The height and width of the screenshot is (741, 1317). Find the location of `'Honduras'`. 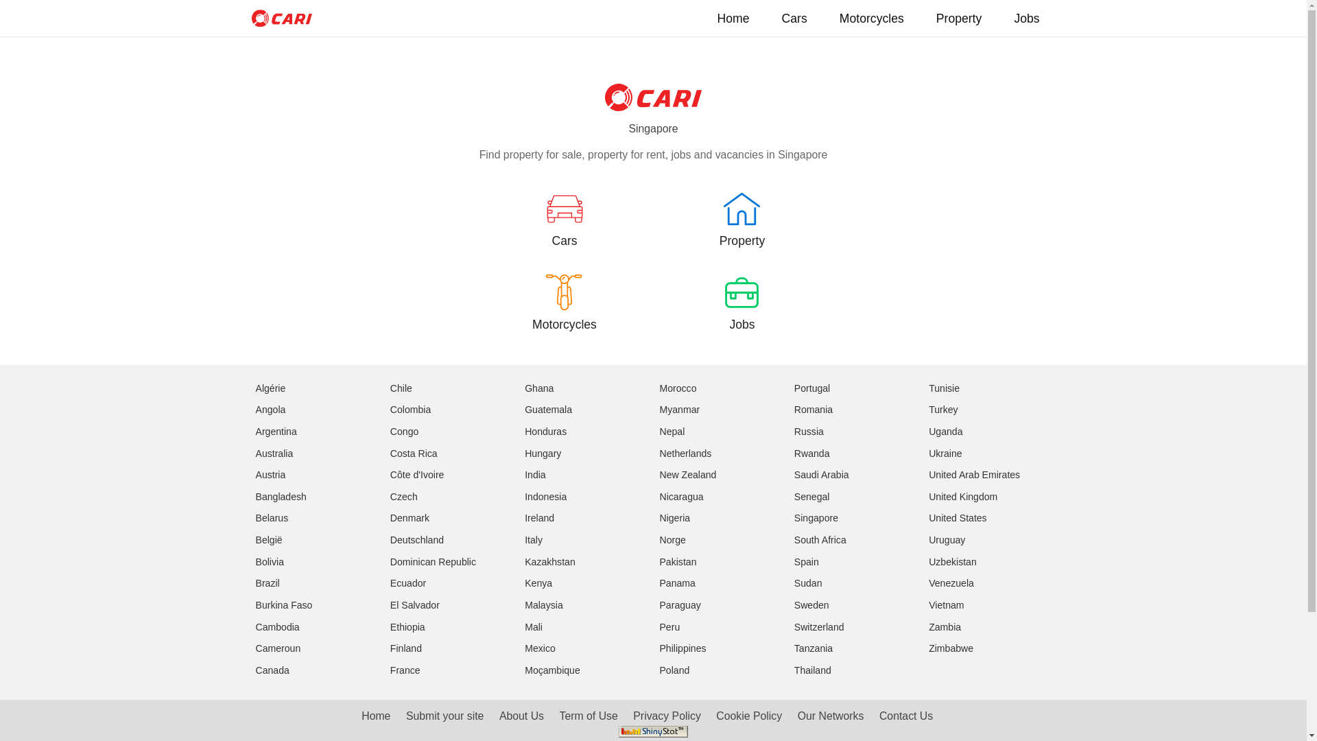

'Honduras' is located at coordinates (545, 430).